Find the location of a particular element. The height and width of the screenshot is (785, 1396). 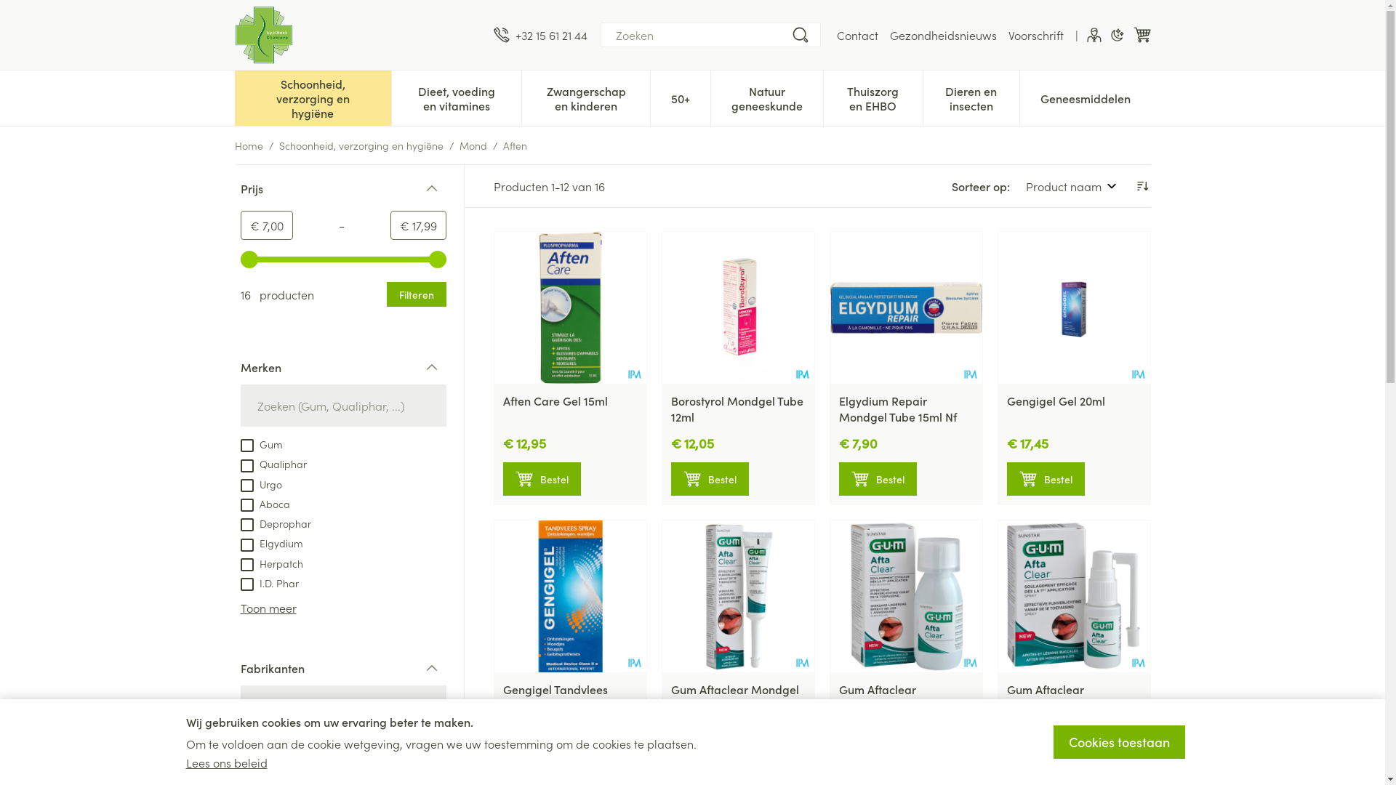

'Gum Aftaclear Mondgel 10ml' is located at coordinates (661, 596).